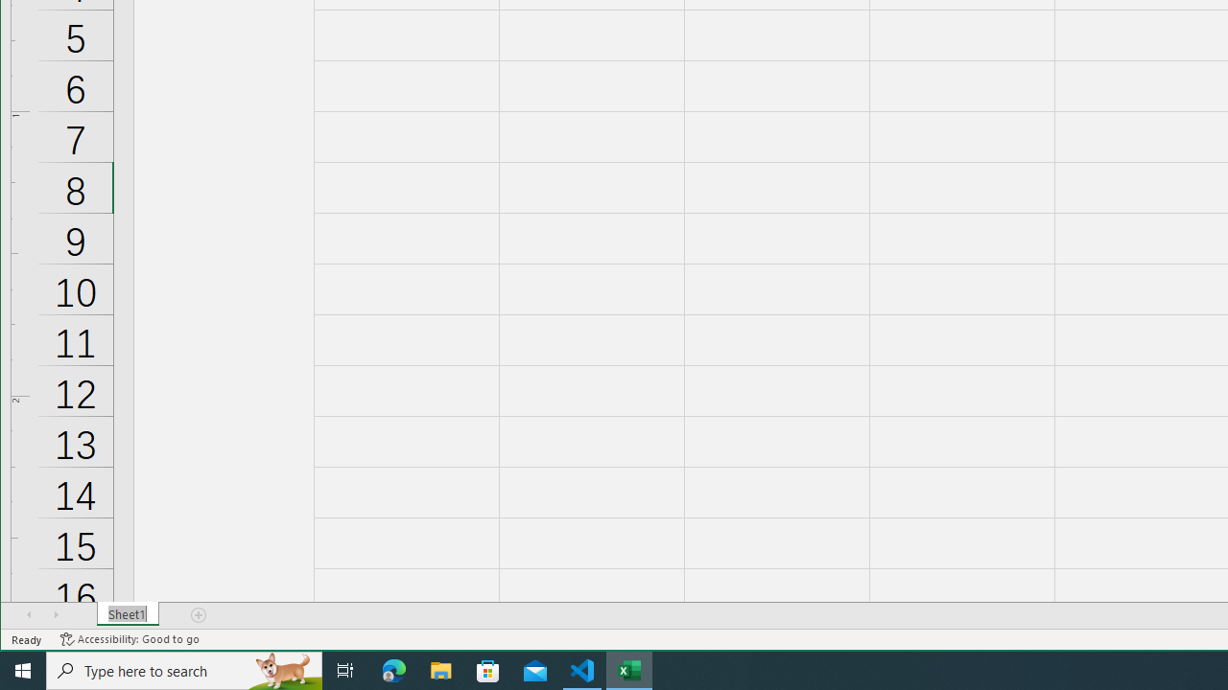 The width and height of the screenshot is (1228, 690). I want to click on 'Start', so click(23, 669).